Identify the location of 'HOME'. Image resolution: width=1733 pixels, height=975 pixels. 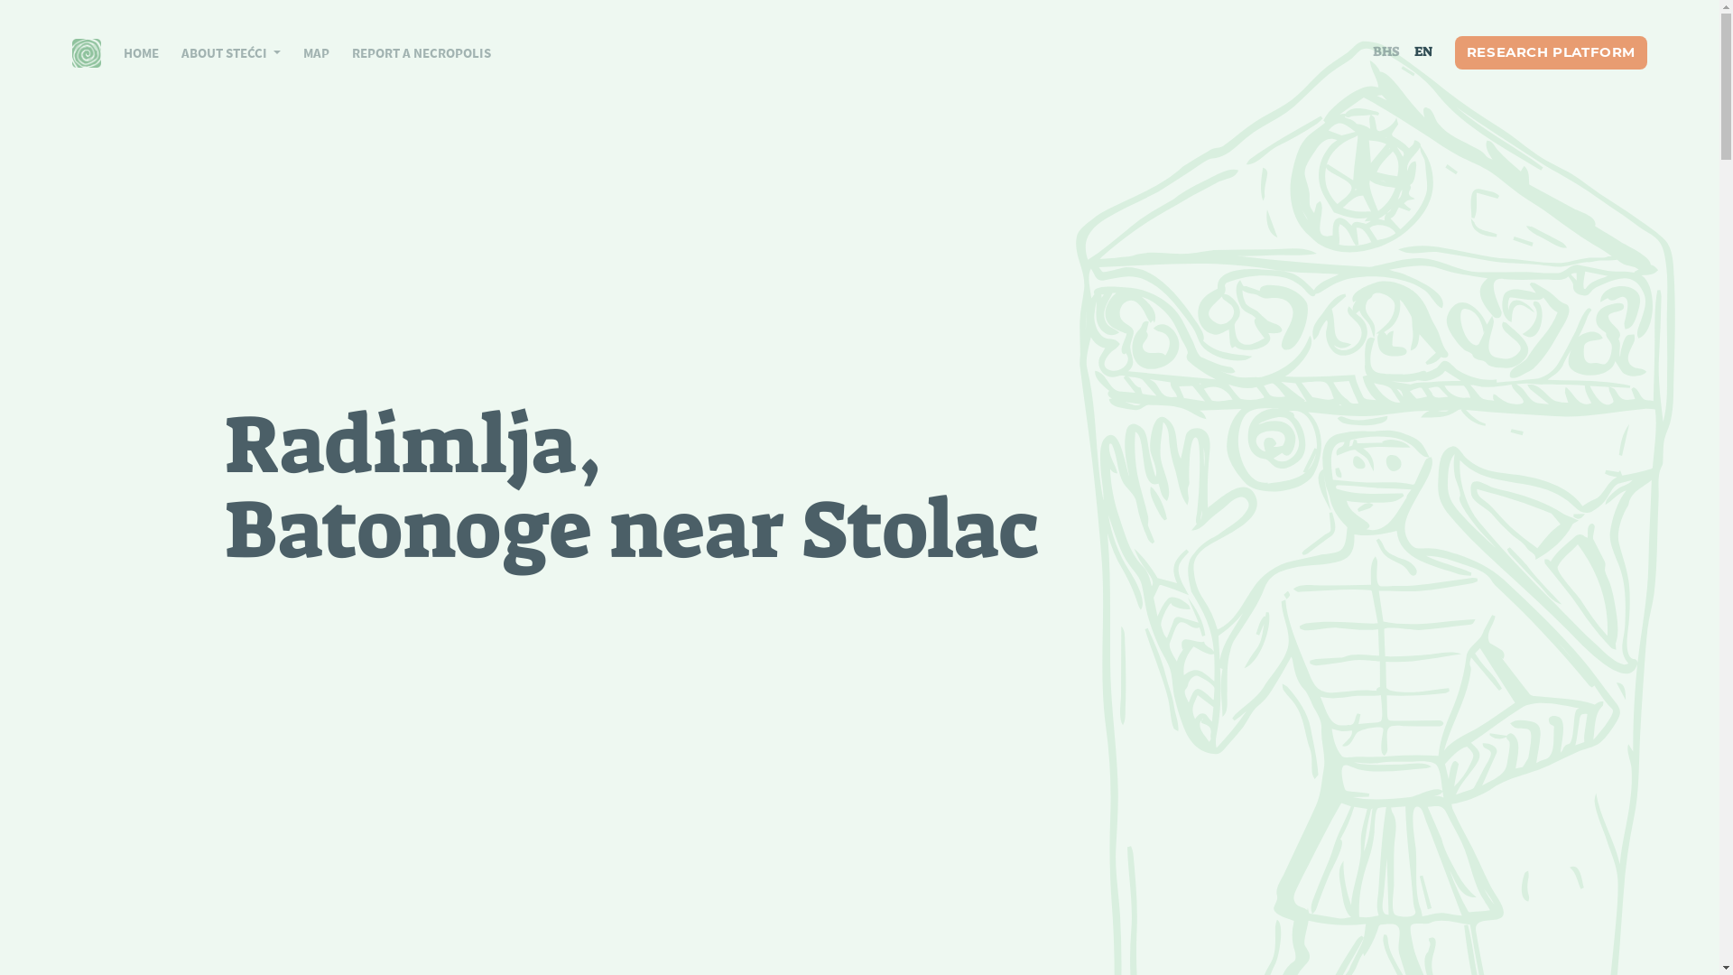
(129, 51).